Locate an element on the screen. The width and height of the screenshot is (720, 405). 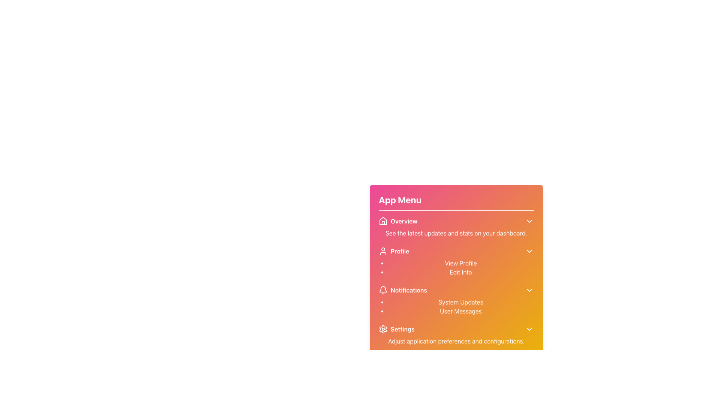
the text label displaying 'Overview' in bold white font, located in the menu panel to the right of the home icon is located at coordinates (403, 221).